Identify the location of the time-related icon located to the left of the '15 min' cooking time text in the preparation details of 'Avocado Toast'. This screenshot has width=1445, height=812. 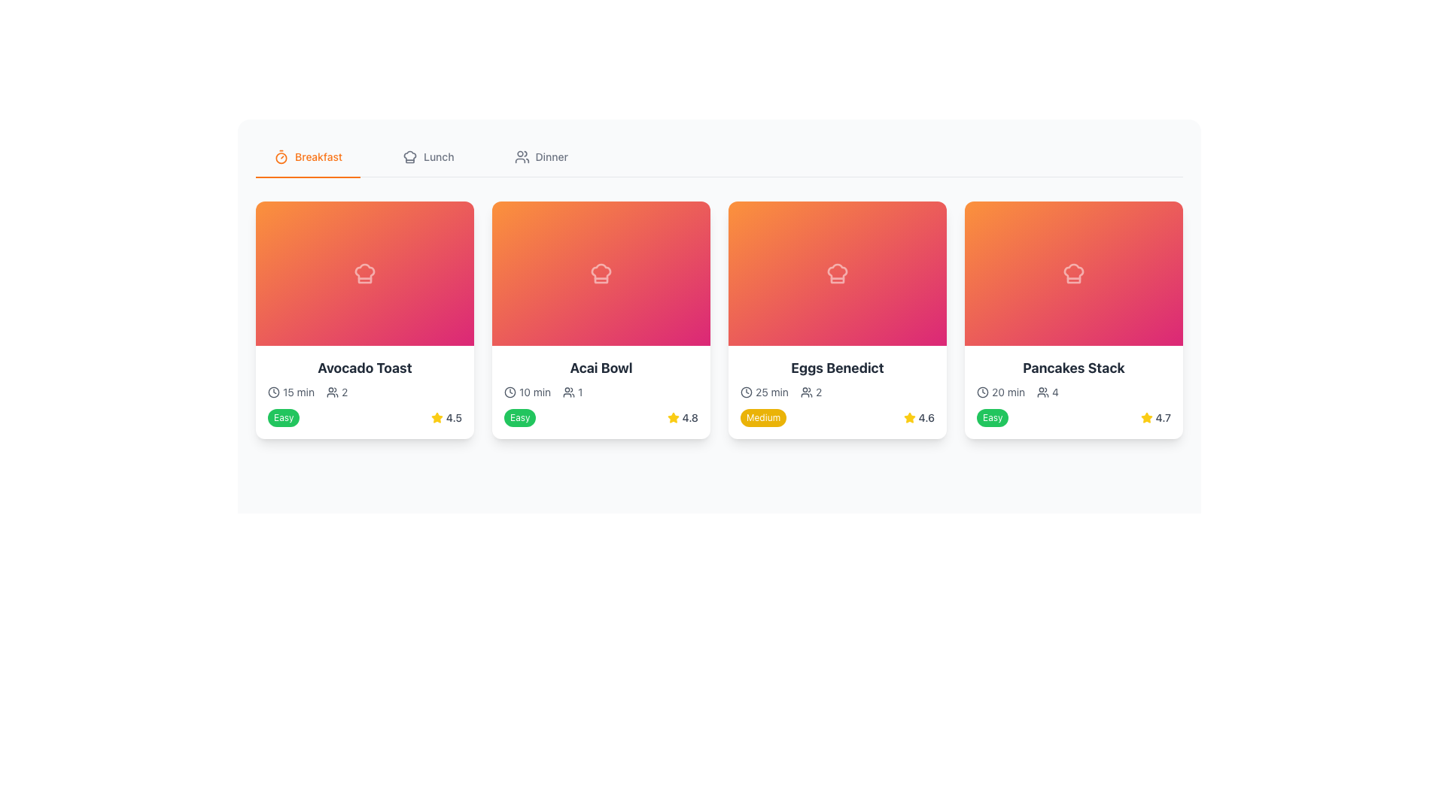
(274, 391).